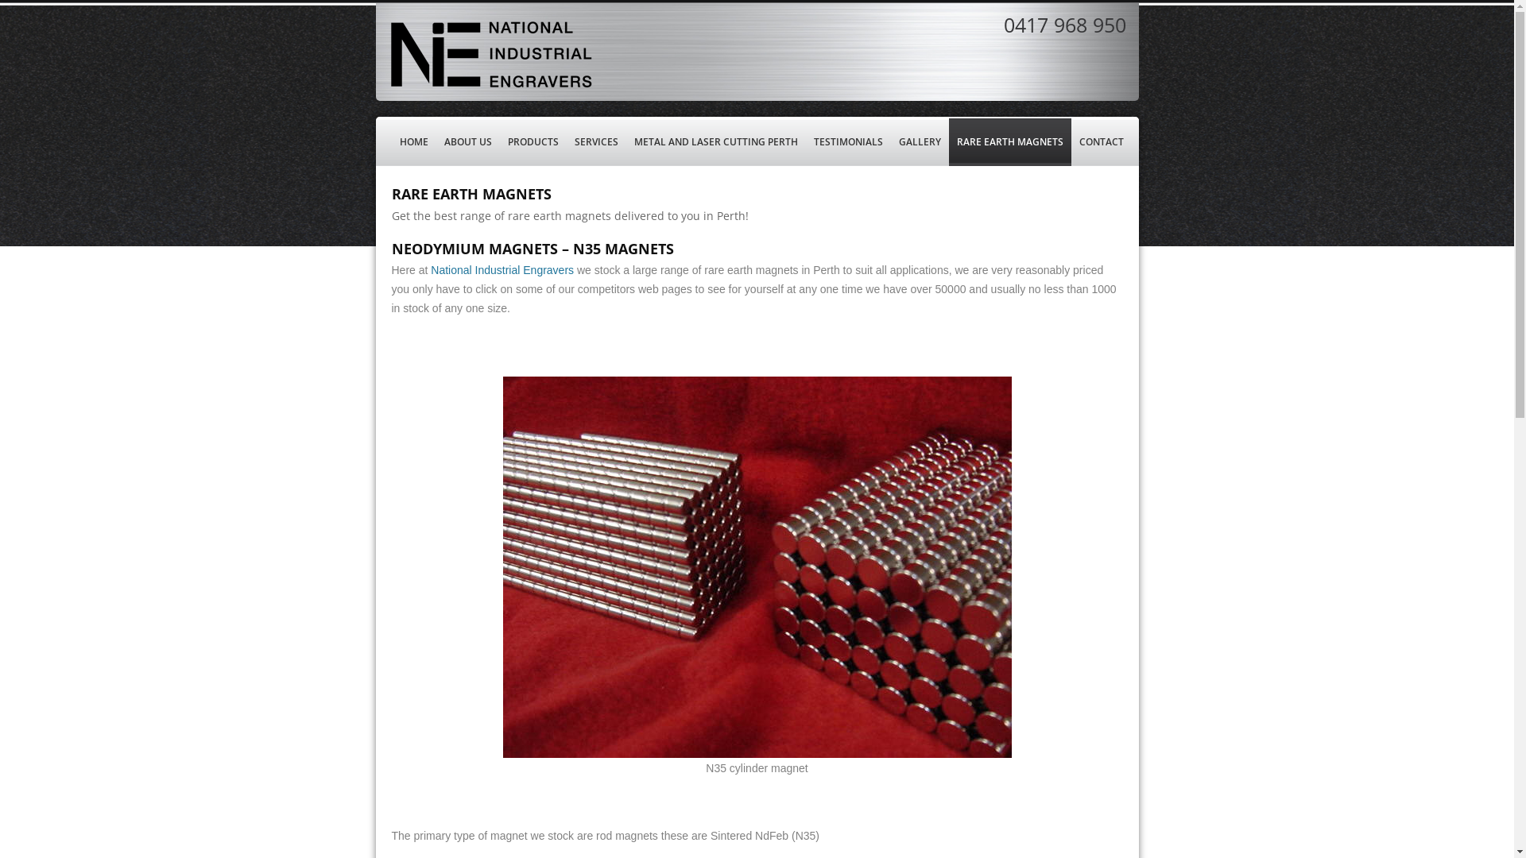  What do you see at coordinates (1064, 24) in the screenshot?
I see `'0417 968 950'` at bounding box center [1064, 24].